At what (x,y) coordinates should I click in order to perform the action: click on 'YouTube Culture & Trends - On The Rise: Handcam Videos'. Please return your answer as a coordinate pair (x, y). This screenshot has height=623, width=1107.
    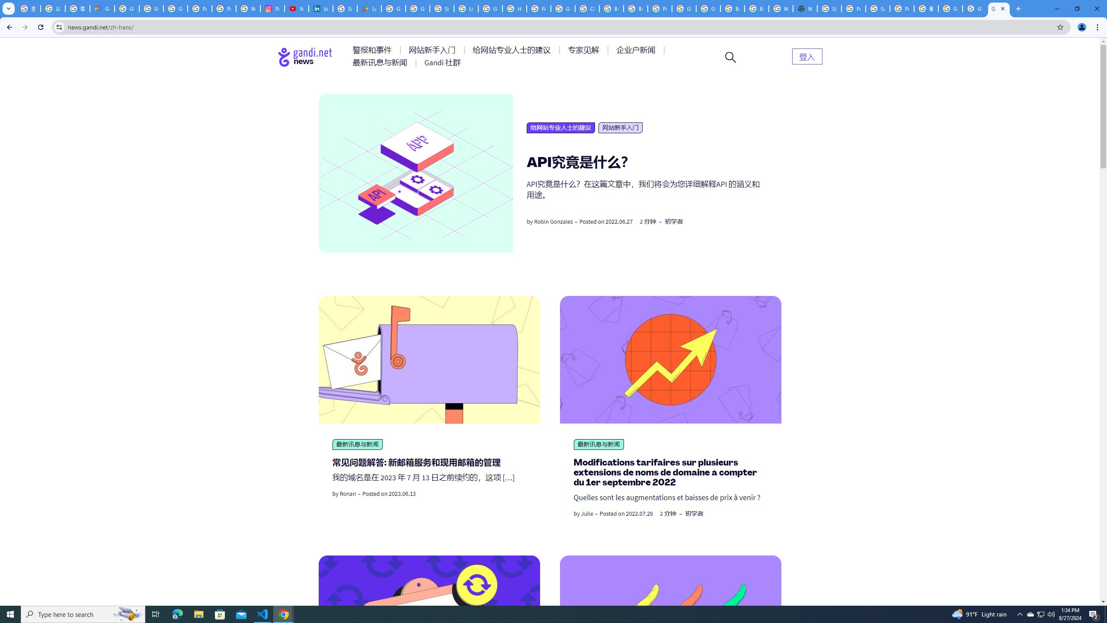
    Looking at the image, I should click on (296, 8).